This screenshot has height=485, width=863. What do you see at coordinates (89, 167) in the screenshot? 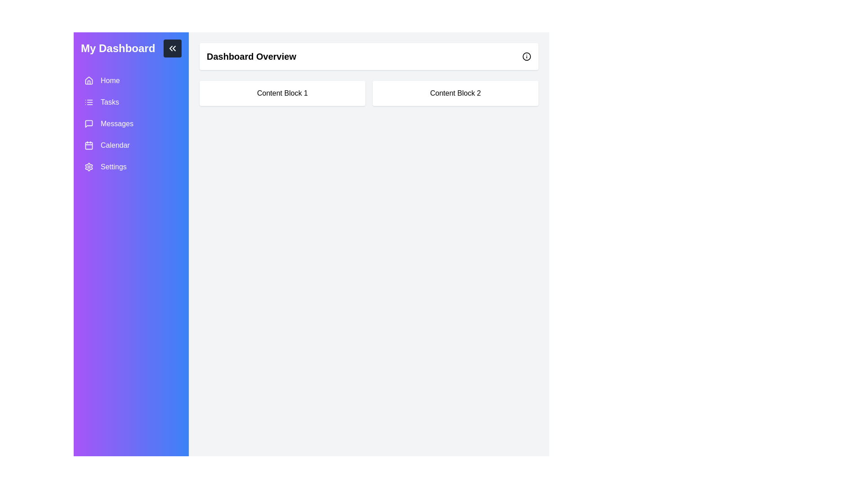
I see `the gear-shaped icon with a purple gradient background located at the bottom of the left sidebar` at bounding box center [89, 167].